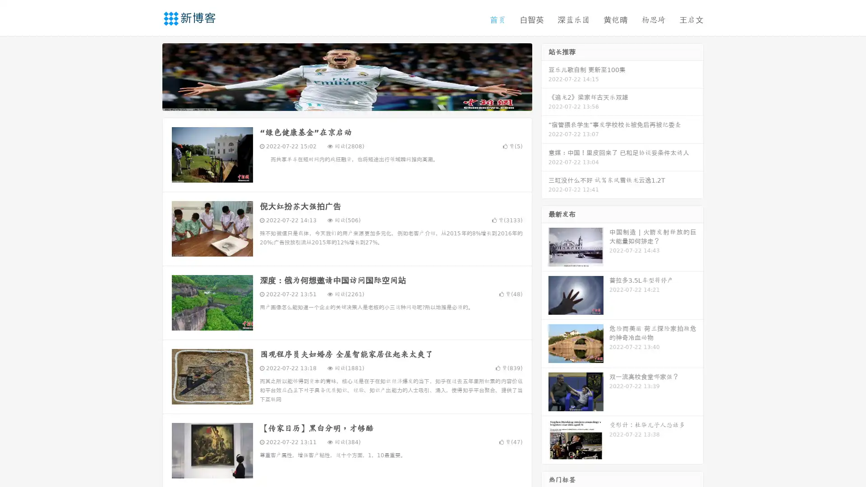 The width and height of the screenshot is (866, 487). Describe the element at coordinates (545, 76) in the screenshot. I see `Next slide` at that location.